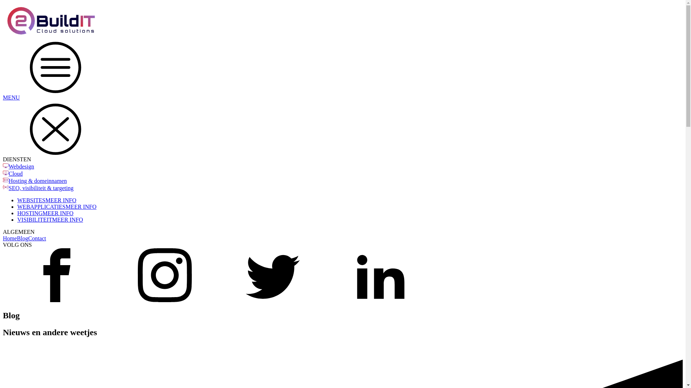 The height and width of the screenshot is (388, 691). Describe the element at coordinates (41, 188) in the screenshot. I see `'SEO, visibiliteit & targeting'` at that location.